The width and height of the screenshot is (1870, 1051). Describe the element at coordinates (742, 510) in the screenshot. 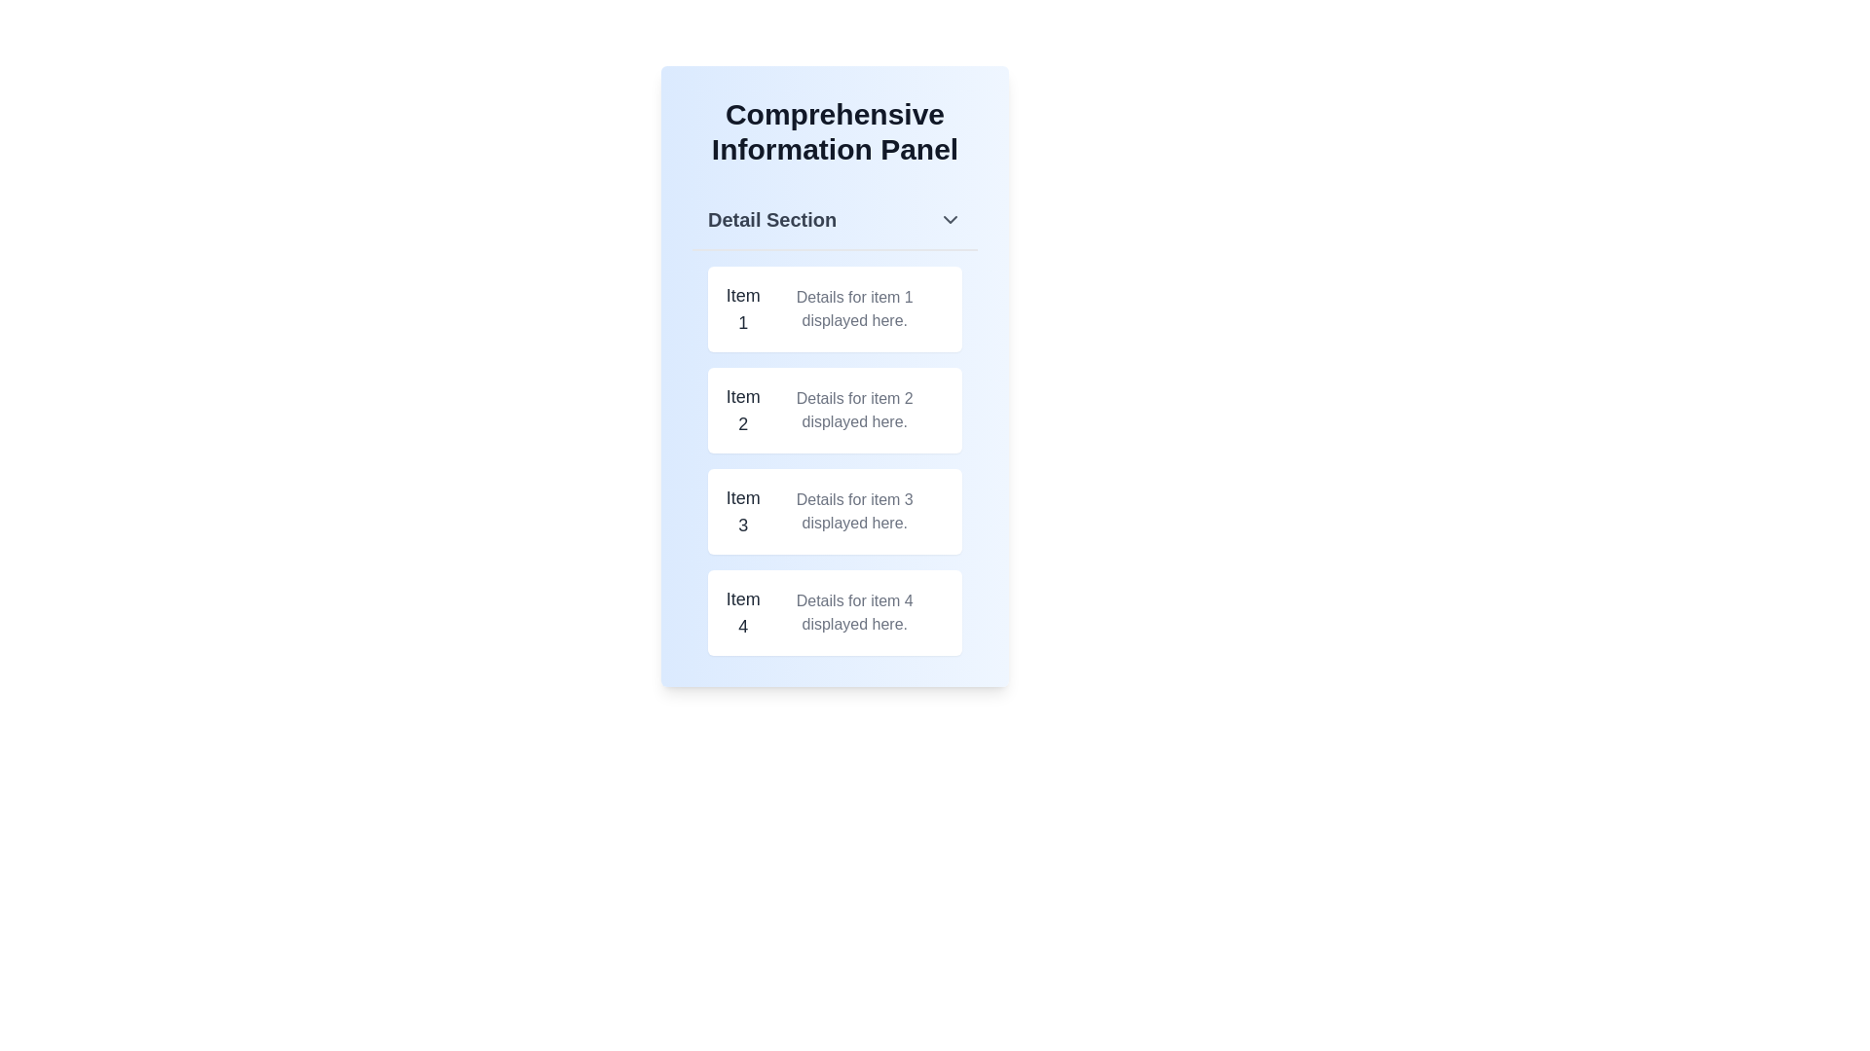

I see `the text label reading 'Item 3' which is styled with a larger font size and medium weight, located within a white rectangular card with rounded corners and light shadowing` at that location.